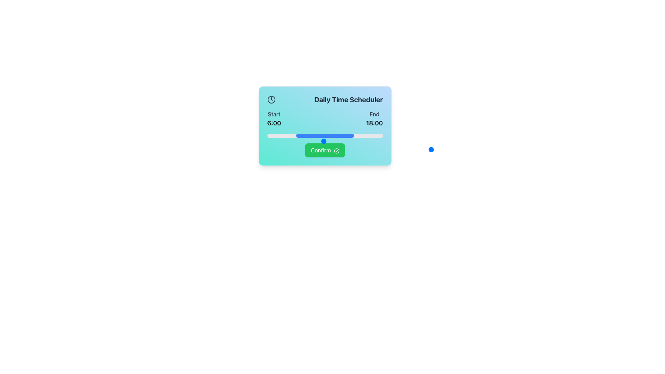 The image size is (665, 374). What do you see at coordinates (349, 136) in the screenshot?
I see `the slider` at bounding box center [349, 136].